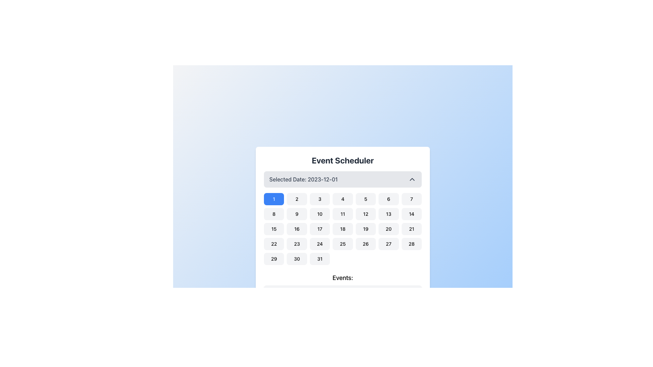 This screenshot has height=367, width=653. Describe the element at coordinates (343, 199) in the screenshot. I see `the calendar day cell displaying the number '4'` at that location.